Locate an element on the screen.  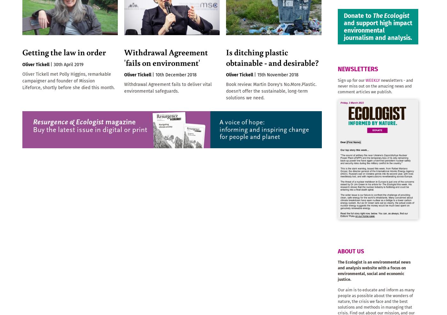
'and support high impact environmental journalism and analysis.' is located at coordinates (378, 30).